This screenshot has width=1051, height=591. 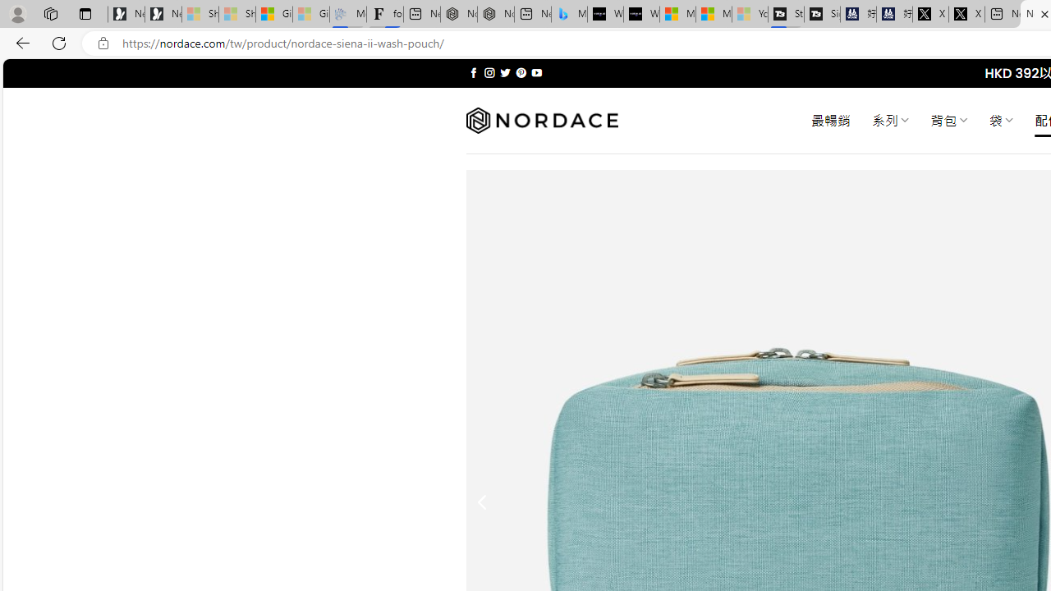 What do you see at coordinates (495, 14) in the screenshot?
I see `'Nordace - #1 Japanese Best-Seller - Siena Smart Backpack'` at bounding box center [495, 14].